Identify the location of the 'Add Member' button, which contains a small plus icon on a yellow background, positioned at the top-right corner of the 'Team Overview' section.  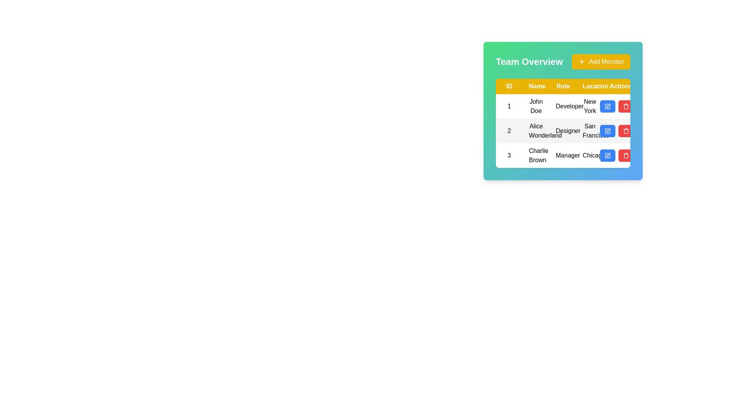
(582, 61).